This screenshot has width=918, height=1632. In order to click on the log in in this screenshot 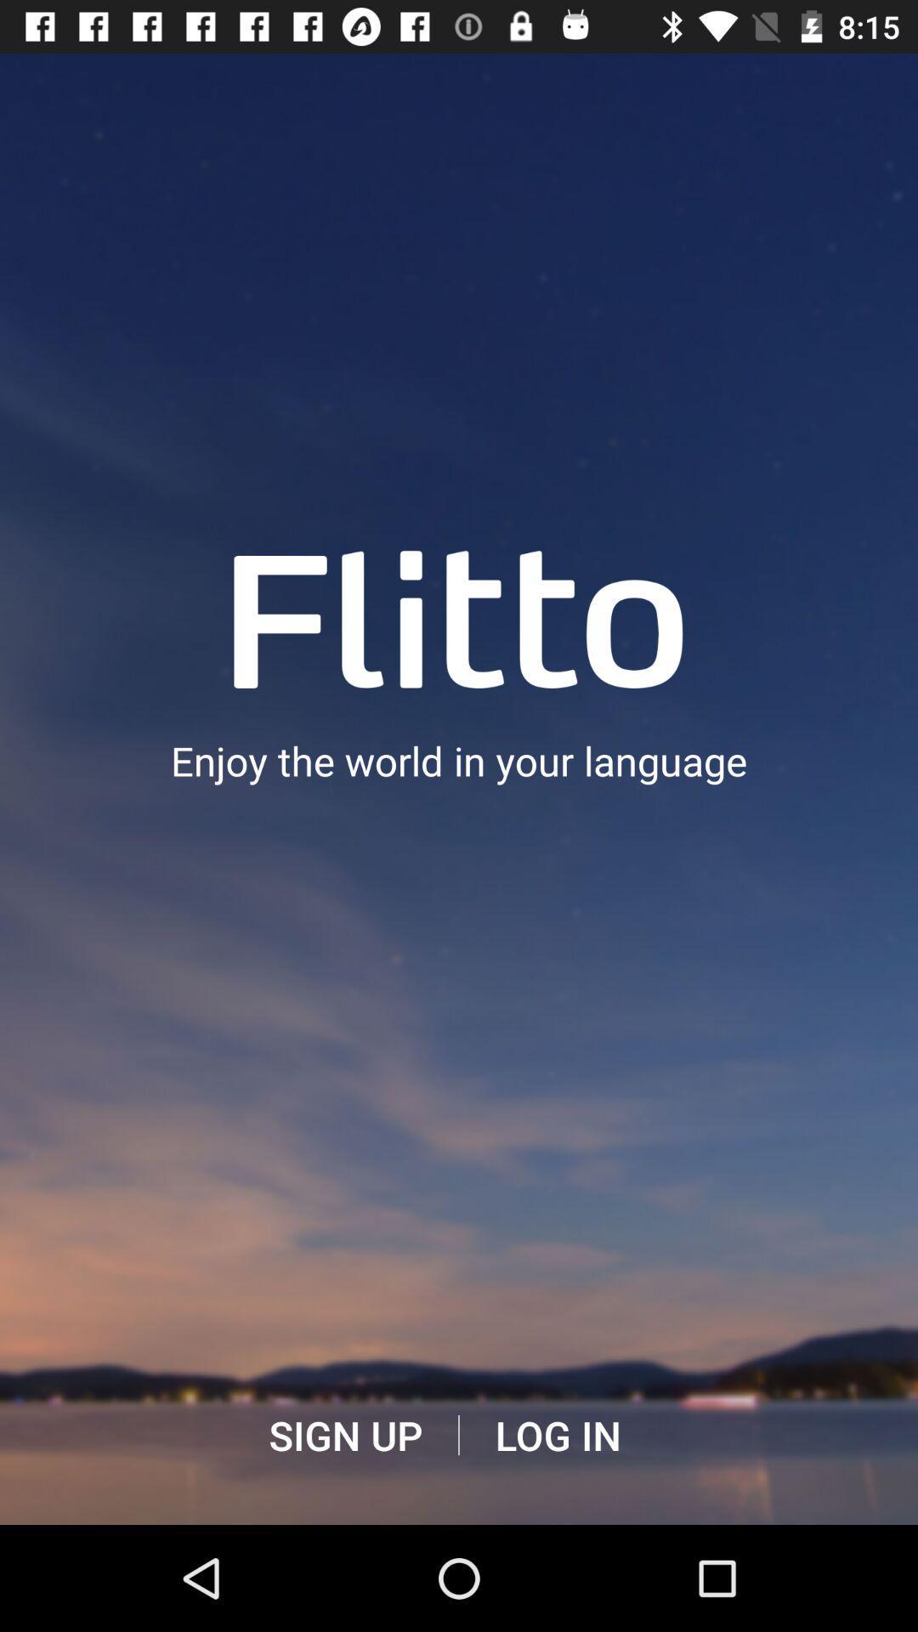, I will do `click(558, 1435)`.